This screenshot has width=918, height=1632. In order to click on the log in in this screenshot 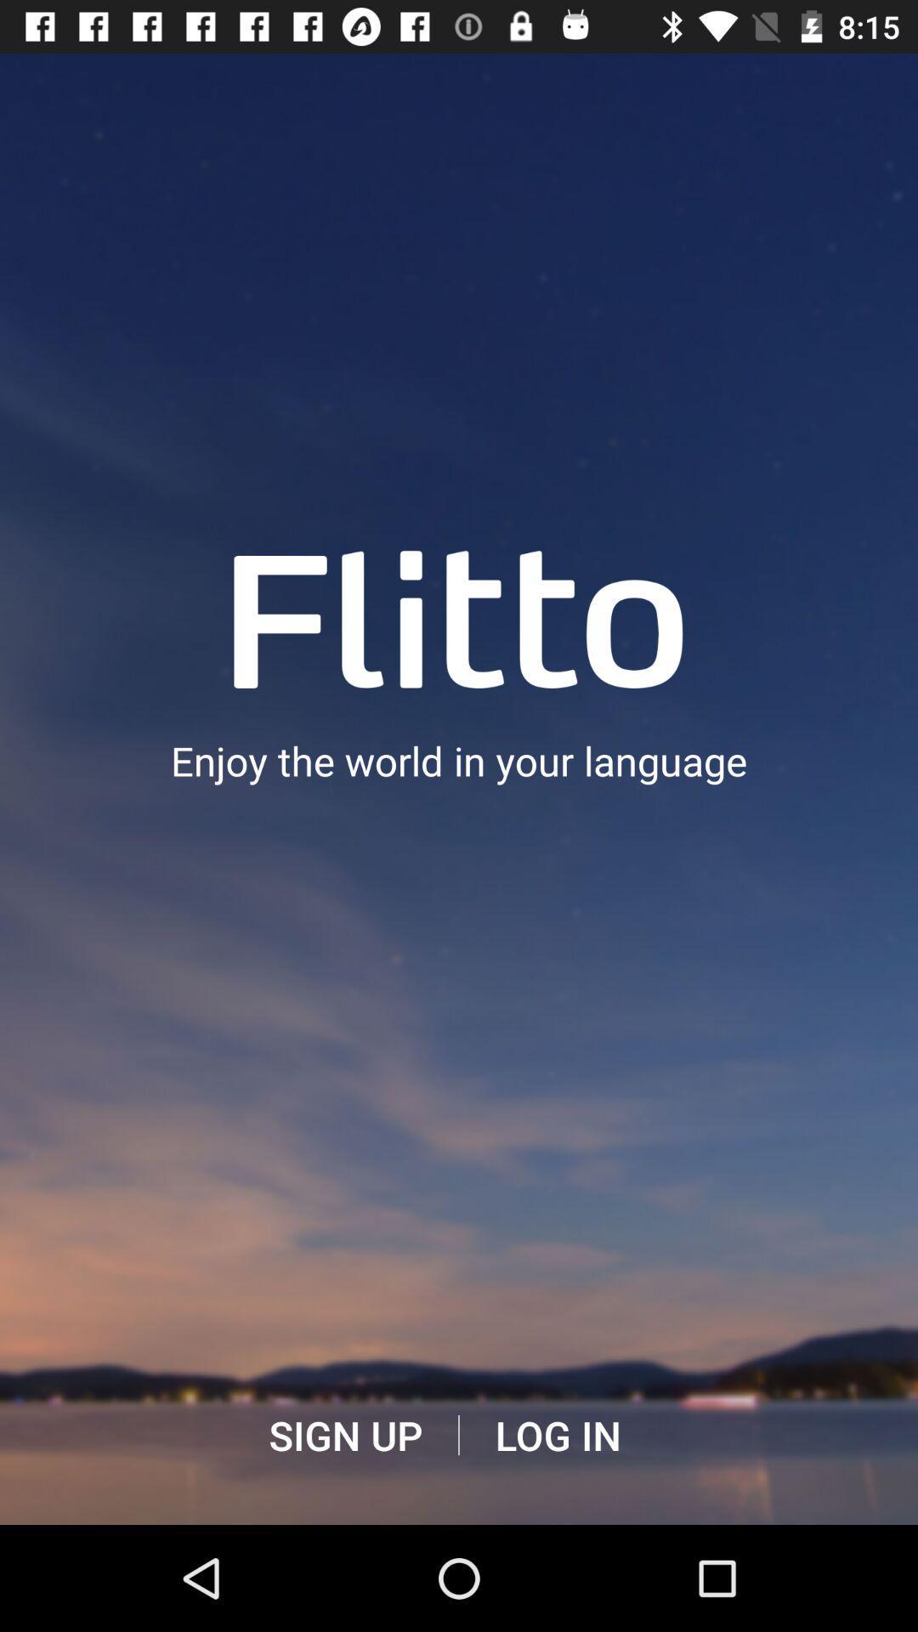, I will do `click(558, 1435)`.